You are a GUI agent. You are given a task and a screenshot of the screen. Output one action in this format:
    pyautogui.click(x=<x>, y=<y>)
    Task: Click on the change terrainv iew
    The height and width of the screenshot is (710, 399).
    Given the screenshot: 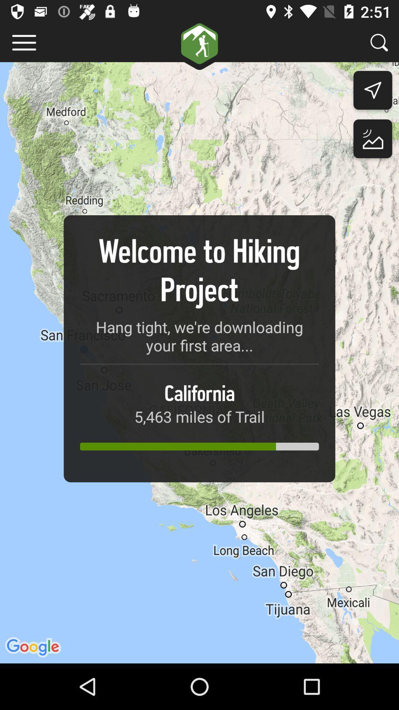 What is the action you would take?
    pyautogui.click(x=373, y=141)
    